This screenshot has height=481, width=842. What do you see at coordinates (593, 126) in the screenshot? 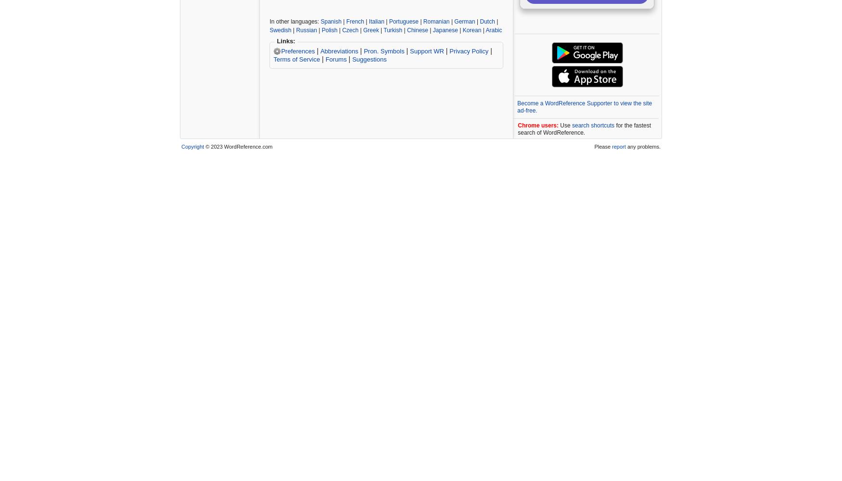
I see `'search shortcuts'` at bounding box center [593, 126].